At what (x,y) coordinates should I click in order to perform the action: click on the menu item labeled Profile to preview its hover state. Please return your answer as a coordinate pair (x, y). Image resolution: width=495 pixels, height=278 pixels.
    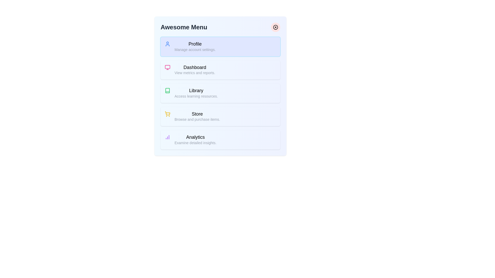
    Looking at the image, I should click on (220, 47).